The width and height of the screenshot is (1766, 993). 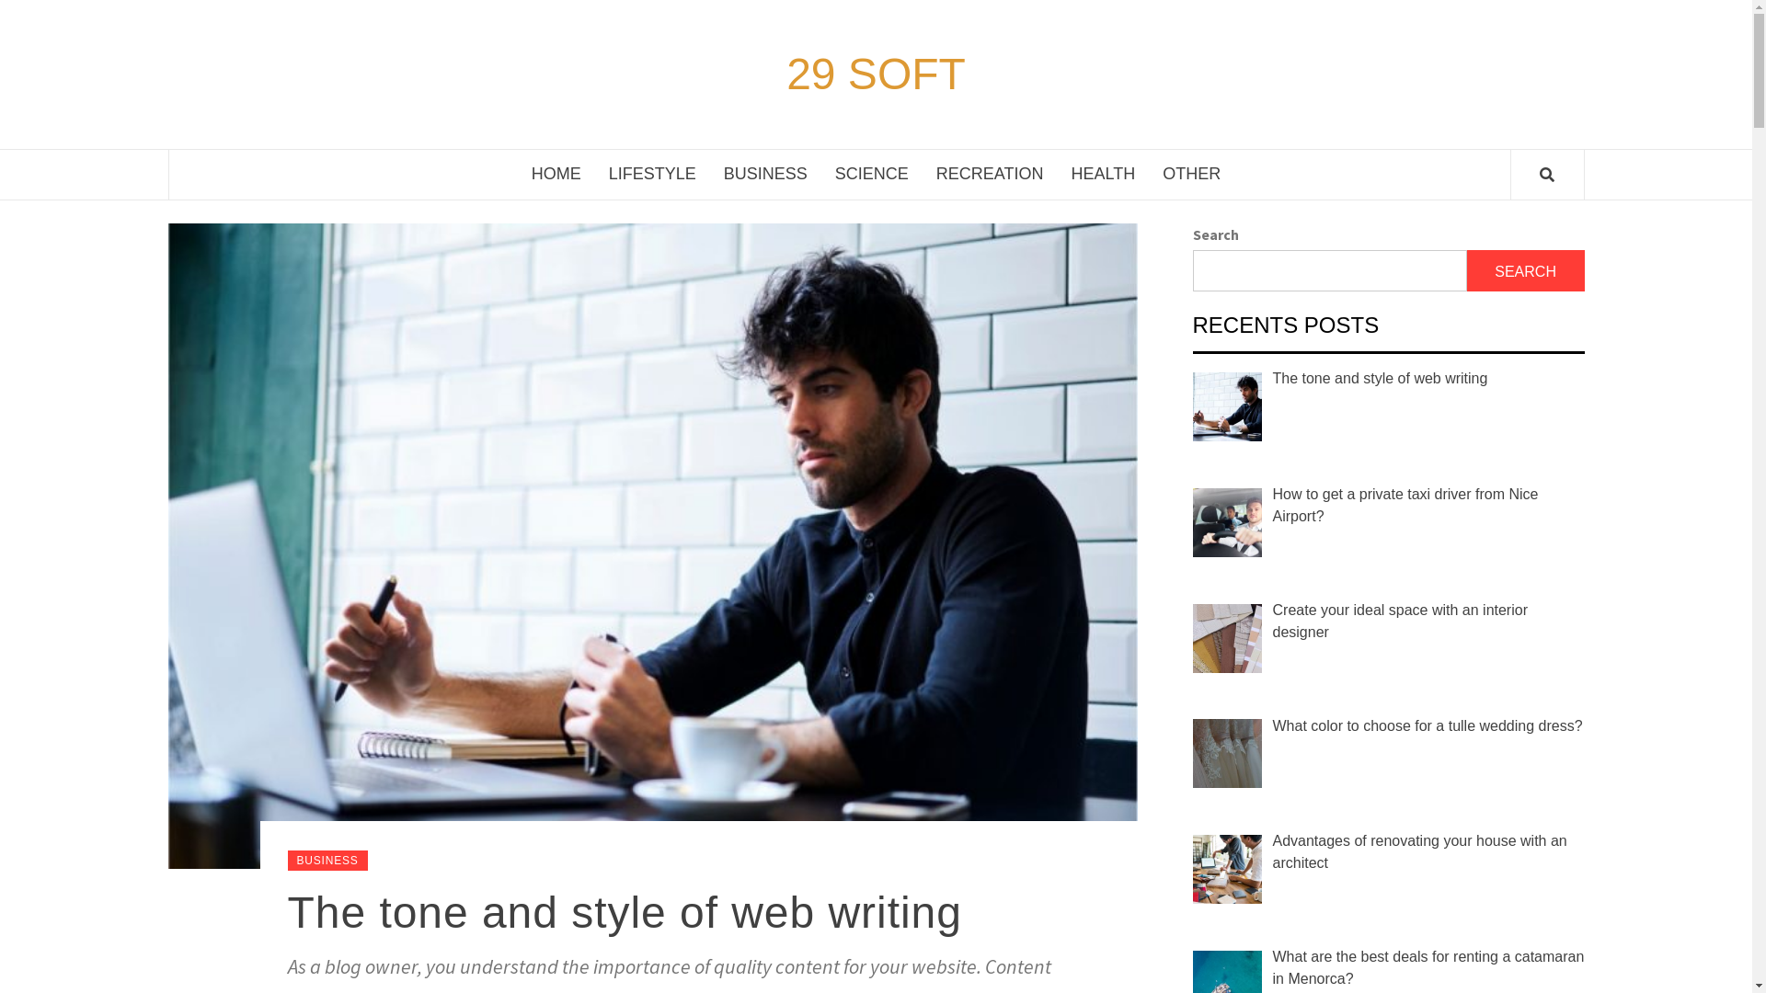 I want to click on 'OTHER', so click(x=1147, y=174).